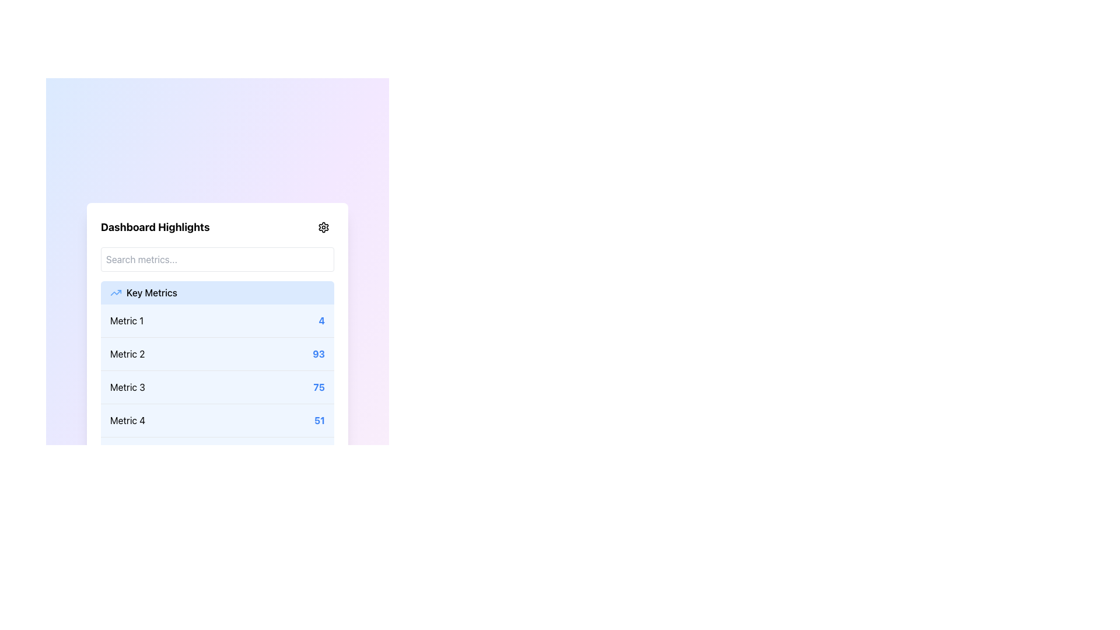 The width and height of the screenshot is (1120, 630). Describe the element at coordinates (324, 227) in the screenshot. I see `the settings button located to the right of the 'Dashboard Highlights' header` at that location.